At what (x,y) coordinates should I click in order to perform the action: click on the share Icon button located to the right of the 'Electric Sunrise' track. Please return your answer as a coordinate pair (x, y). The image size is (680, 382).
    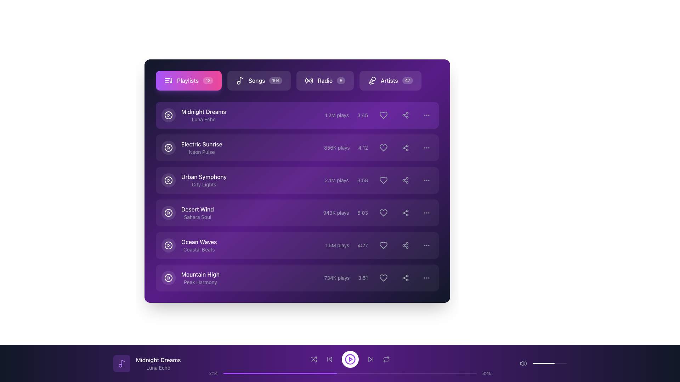
    Looking at the image, I should click on (406, 147).